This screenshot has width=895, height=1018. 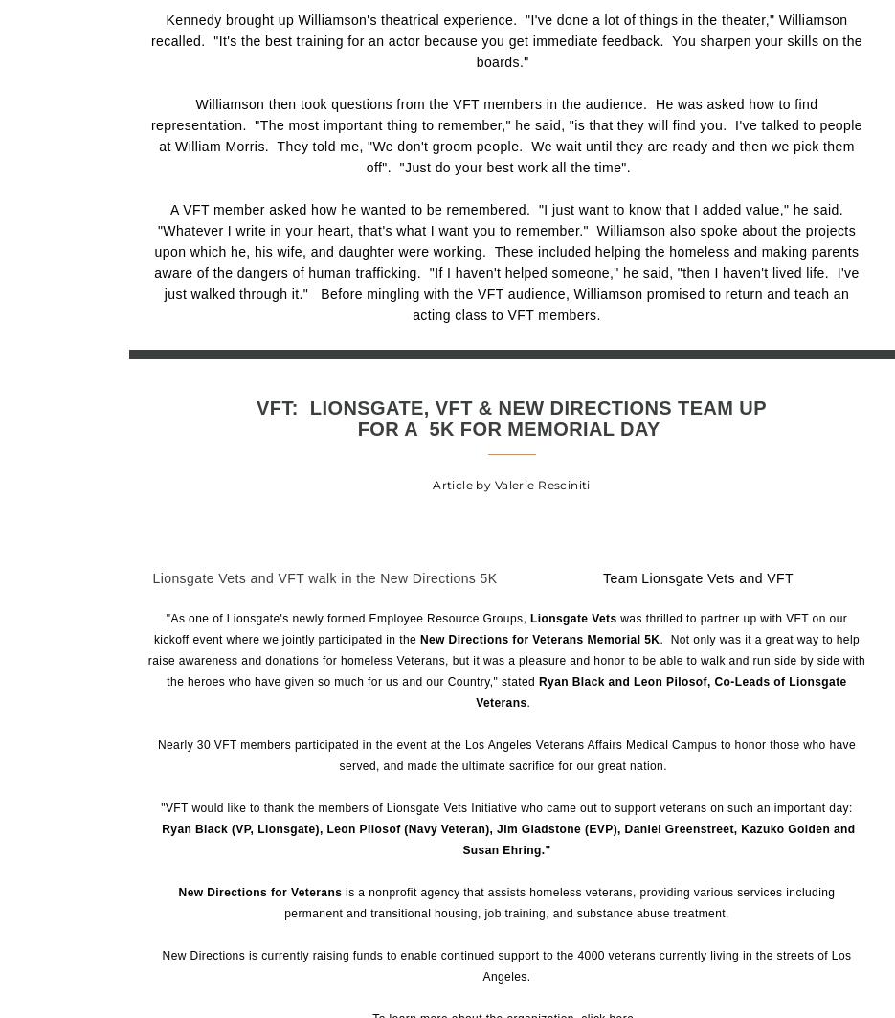 I want to click on 'is a nonprofit agency that assists homeless veterans, providing various services including permanent and transitional housing, job training, and substance abuse treatment.', so click(x=282, y=901).